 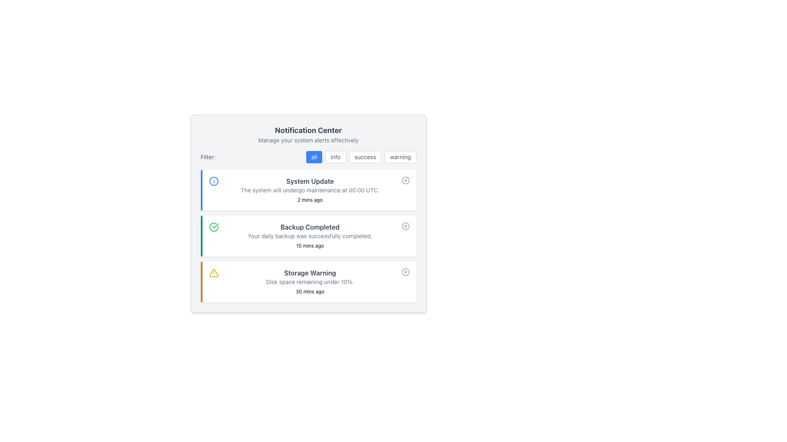 What do you see at coordinates (400, 157) in the screenshot?
I see `the 'warning' button using tab navigation` at bounding box center [400, 157].